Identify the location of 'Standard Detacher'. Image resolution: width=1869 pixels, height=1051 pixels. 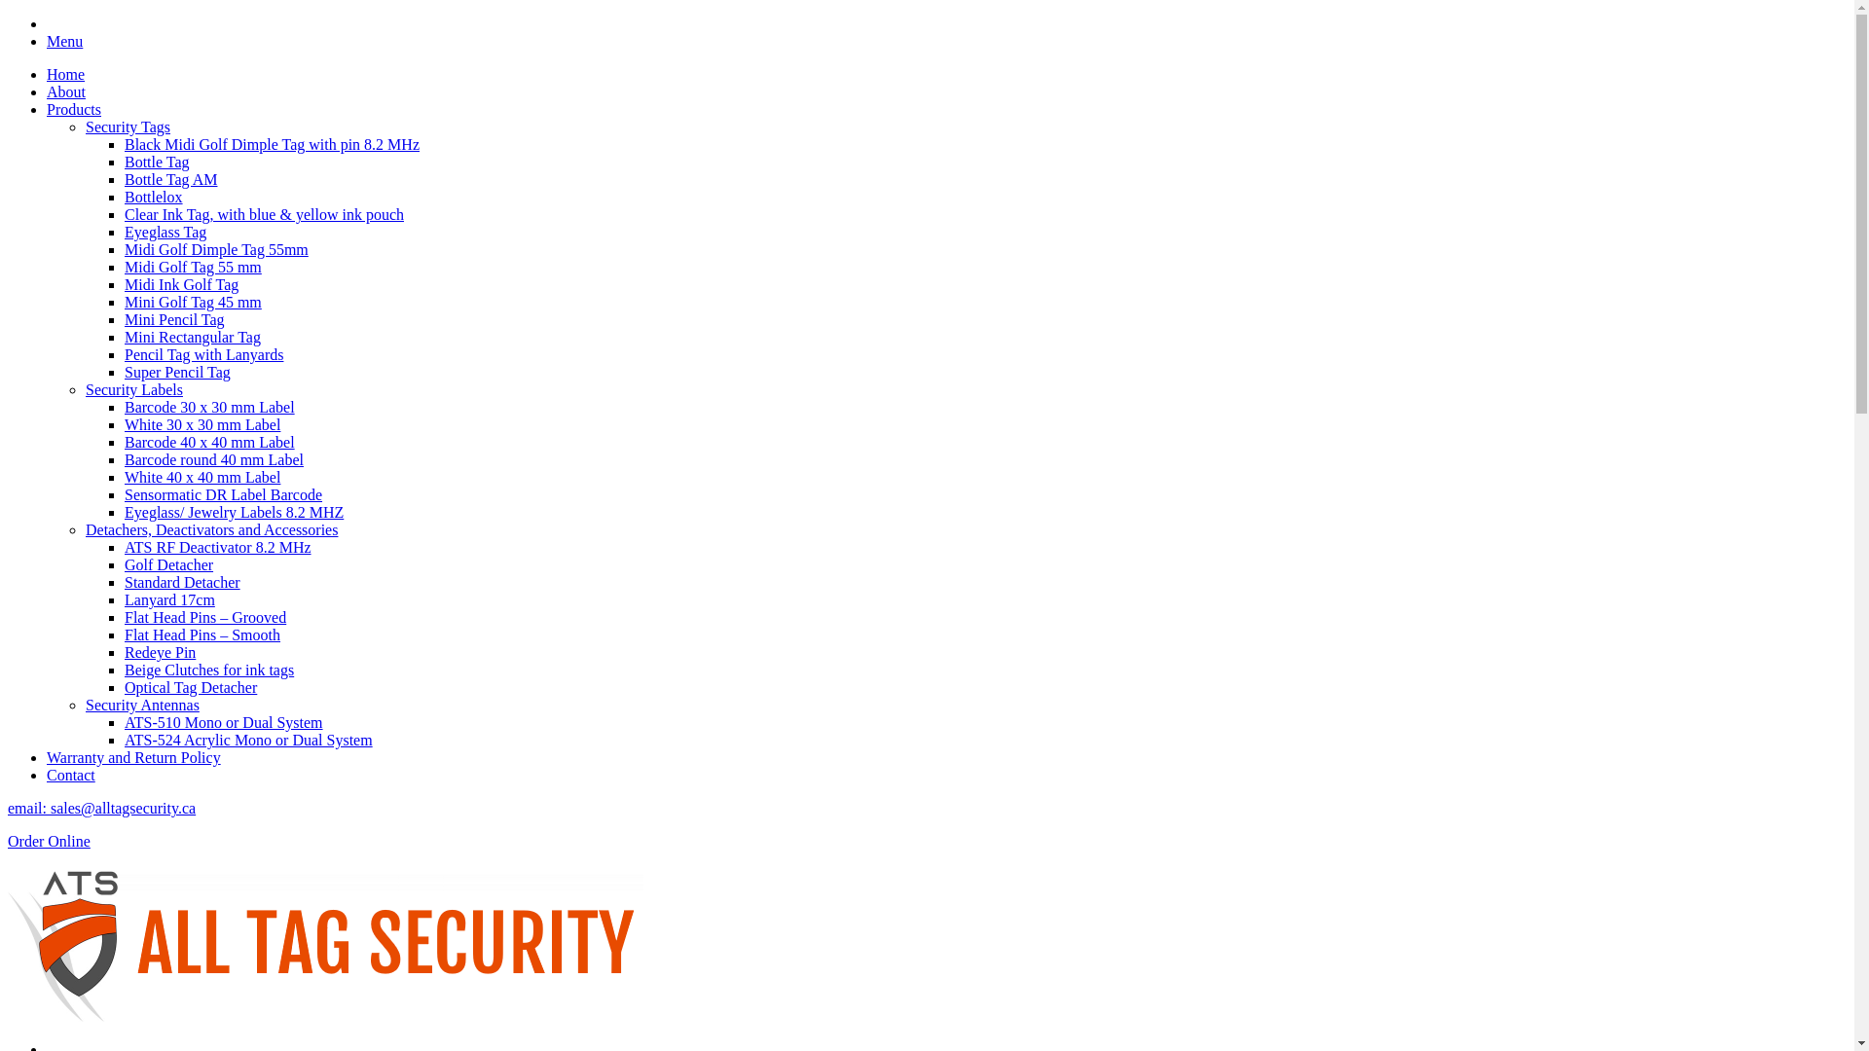
(182, 581).